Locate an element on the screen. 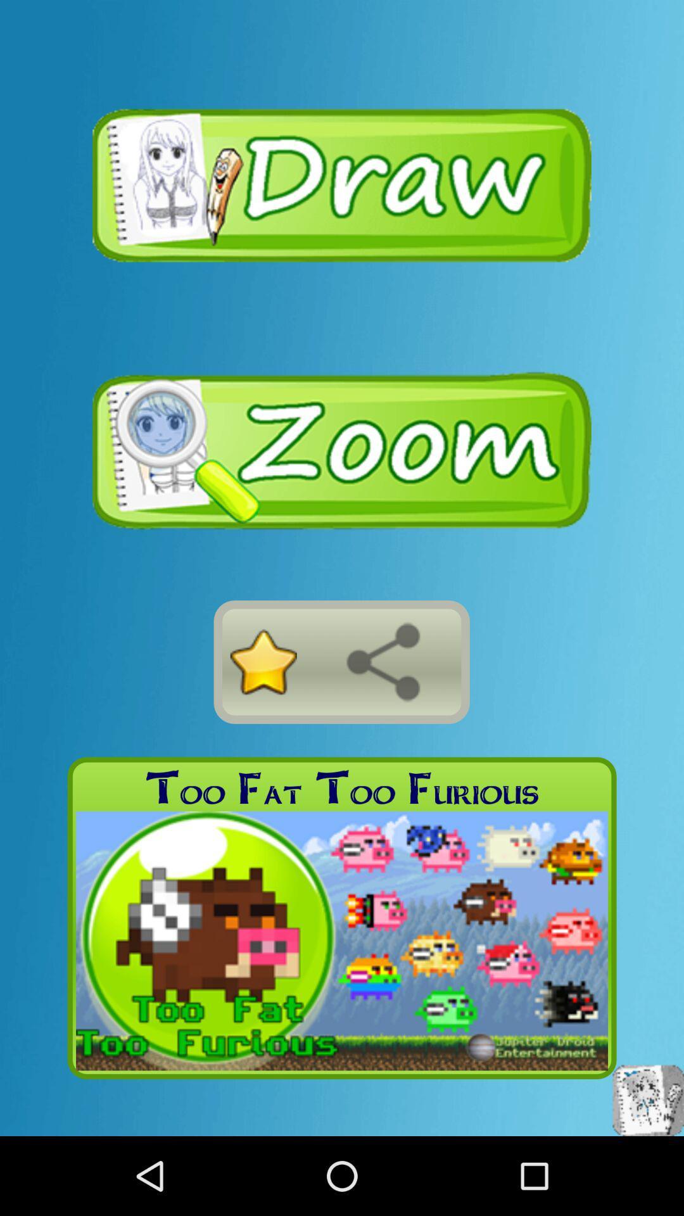 The image size is (684, 1216). the too fat too is located at coordinates (342, 787).